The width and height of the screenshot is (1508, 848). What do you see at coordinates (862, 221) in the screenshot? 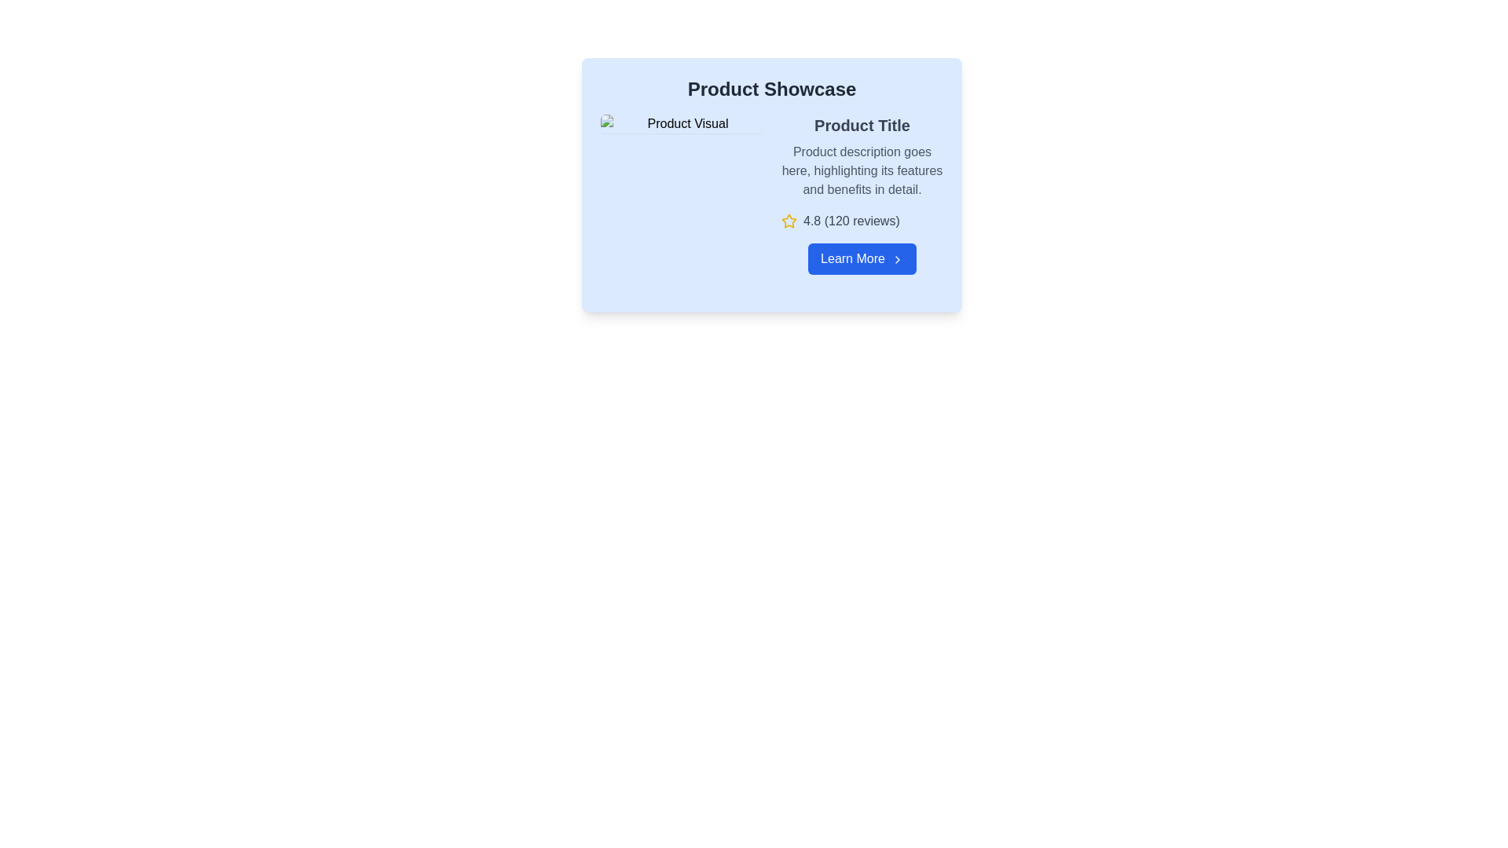
I see `the Rating display that shows the product rating and review count, located directly below the product description and above the 'Learn More' button` at bounding box center [862, 221].